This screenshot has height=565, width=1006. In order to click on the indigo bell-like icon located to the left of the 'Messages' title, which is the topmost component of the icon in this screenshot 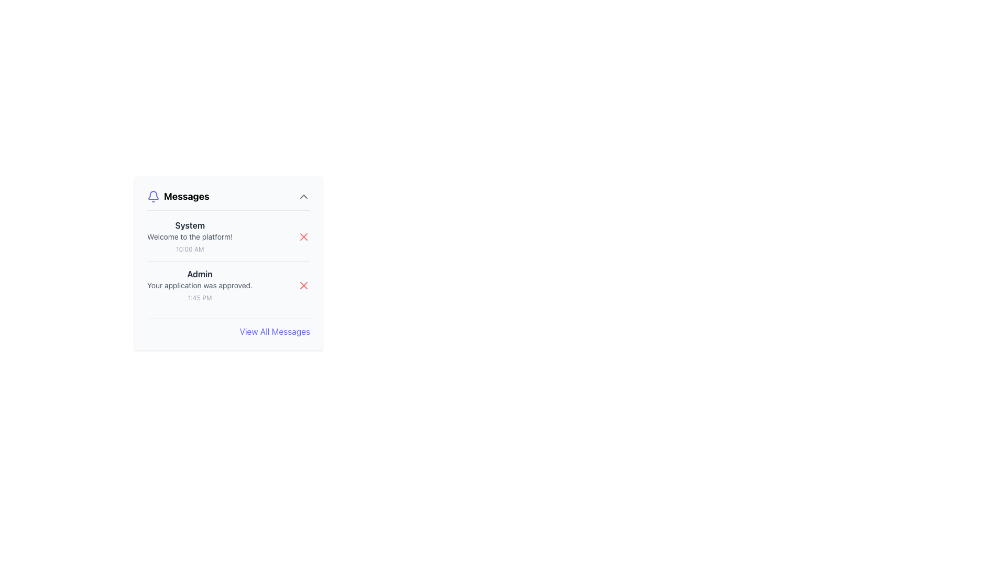, I will do `click(152, 195)`.